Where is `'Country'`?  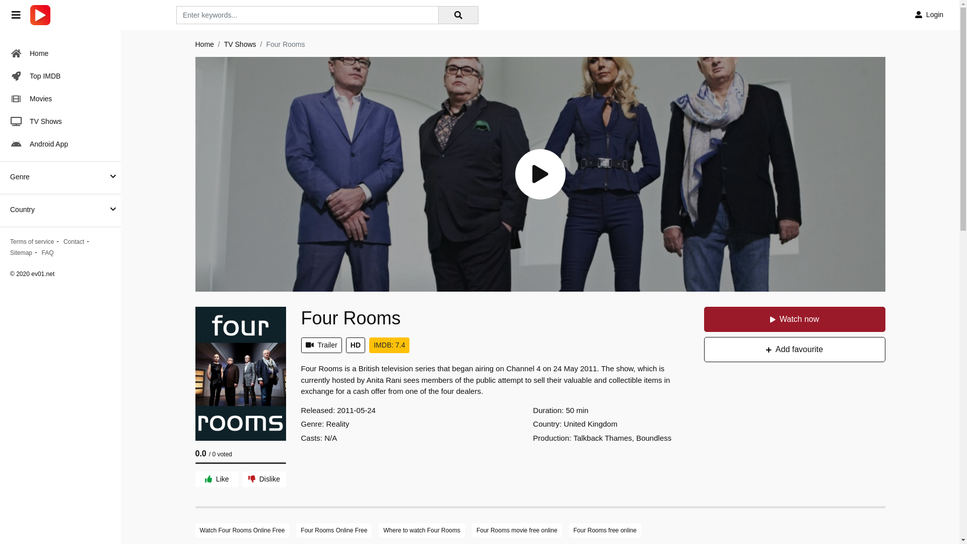
'Country' is located at coordinates (22, 209).